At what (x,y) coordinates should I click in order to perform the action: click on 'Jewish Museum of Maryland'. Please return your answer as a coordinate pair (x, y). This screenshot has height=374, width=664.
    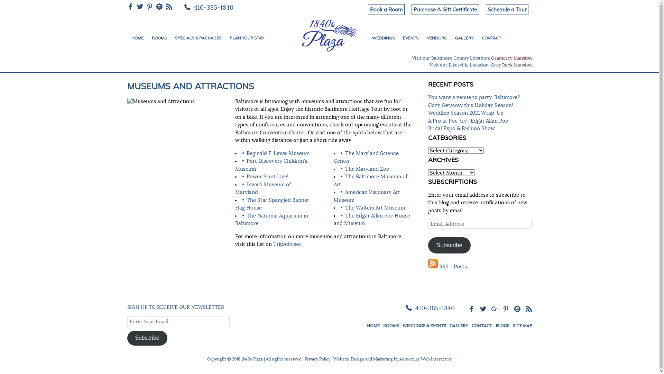
    Looking at the image, I should click on (262, 188).